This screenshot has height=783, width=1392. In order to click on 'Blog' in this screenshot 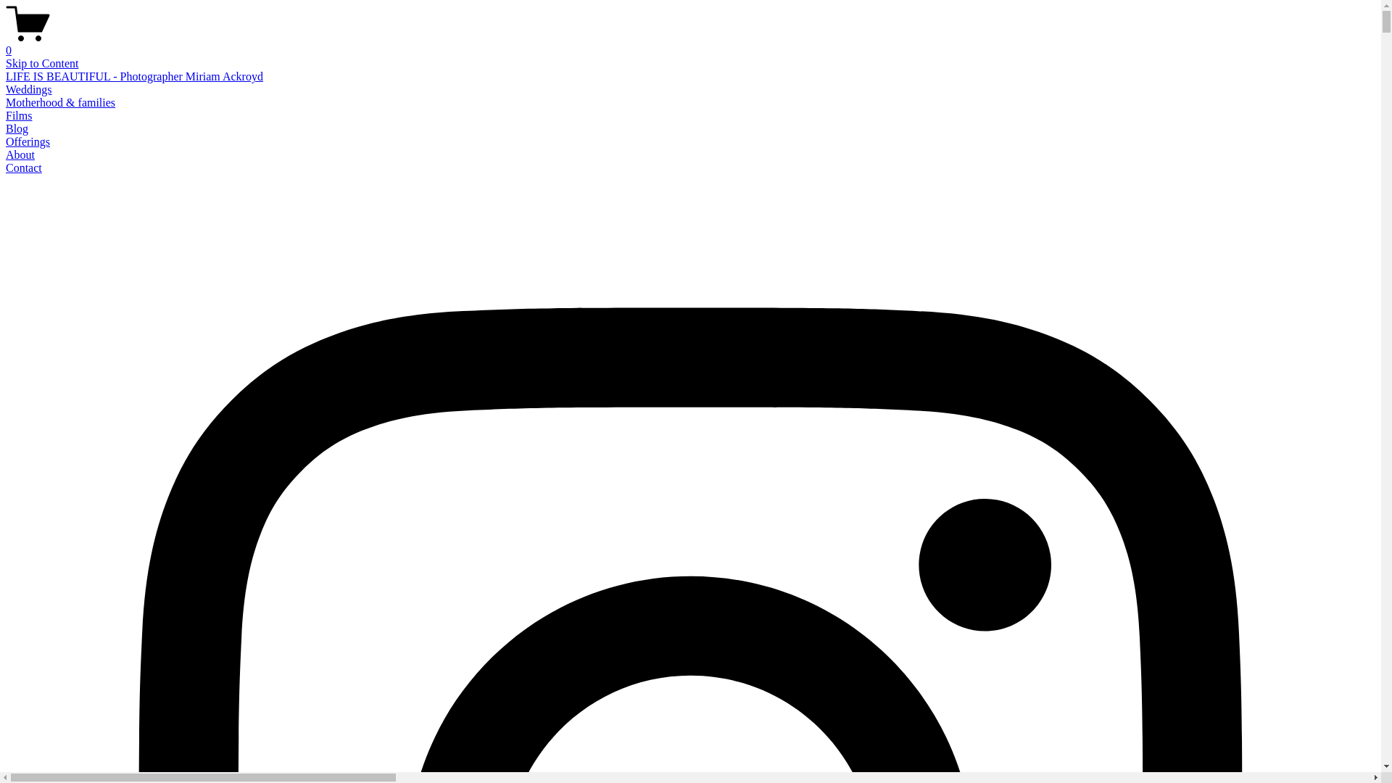, I will do `click(17, 128)`.